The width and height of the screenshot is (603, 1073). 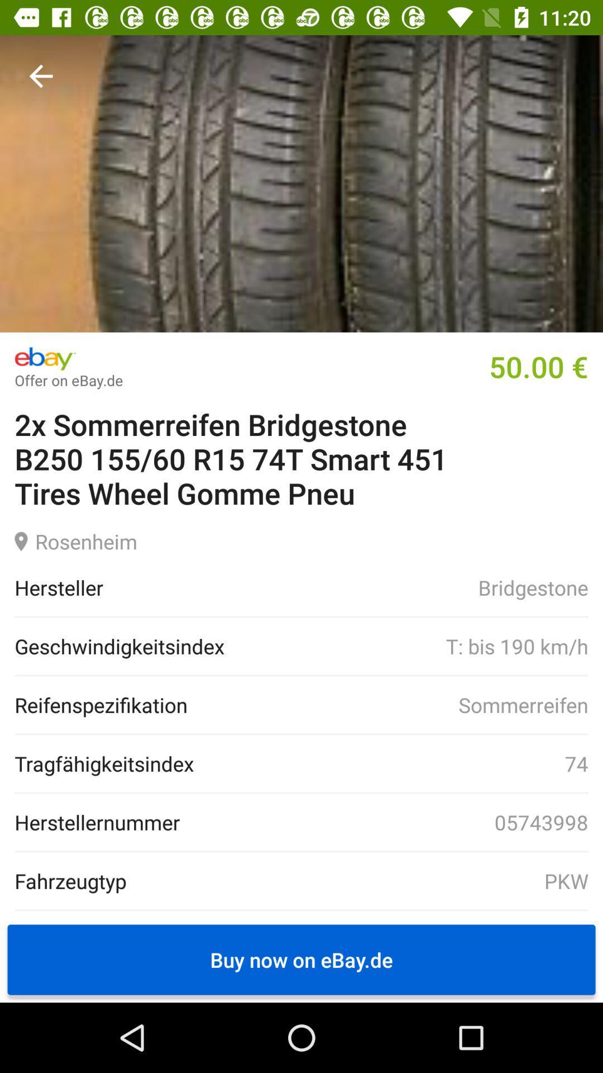 I want to click on 05743998 item, so click(x=384, y=822).